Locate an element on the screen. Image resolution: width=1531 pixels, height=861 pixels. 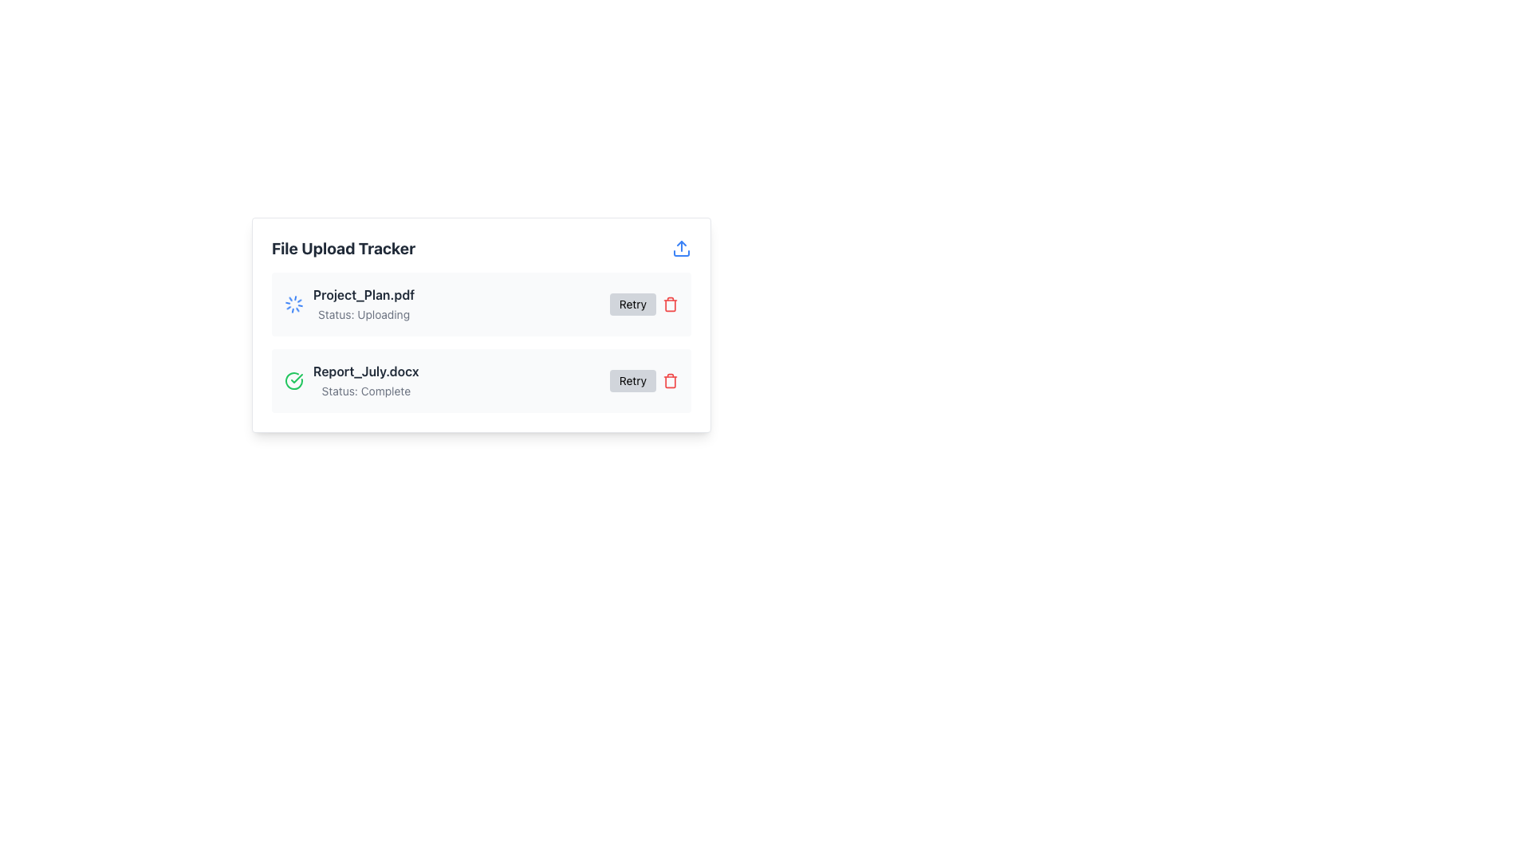
the text label indicating the upload status of the file 'Project_Plan.pdf', which is positioned directly below the filename in the file upload tracker interface is located at coordinates (363, 314).